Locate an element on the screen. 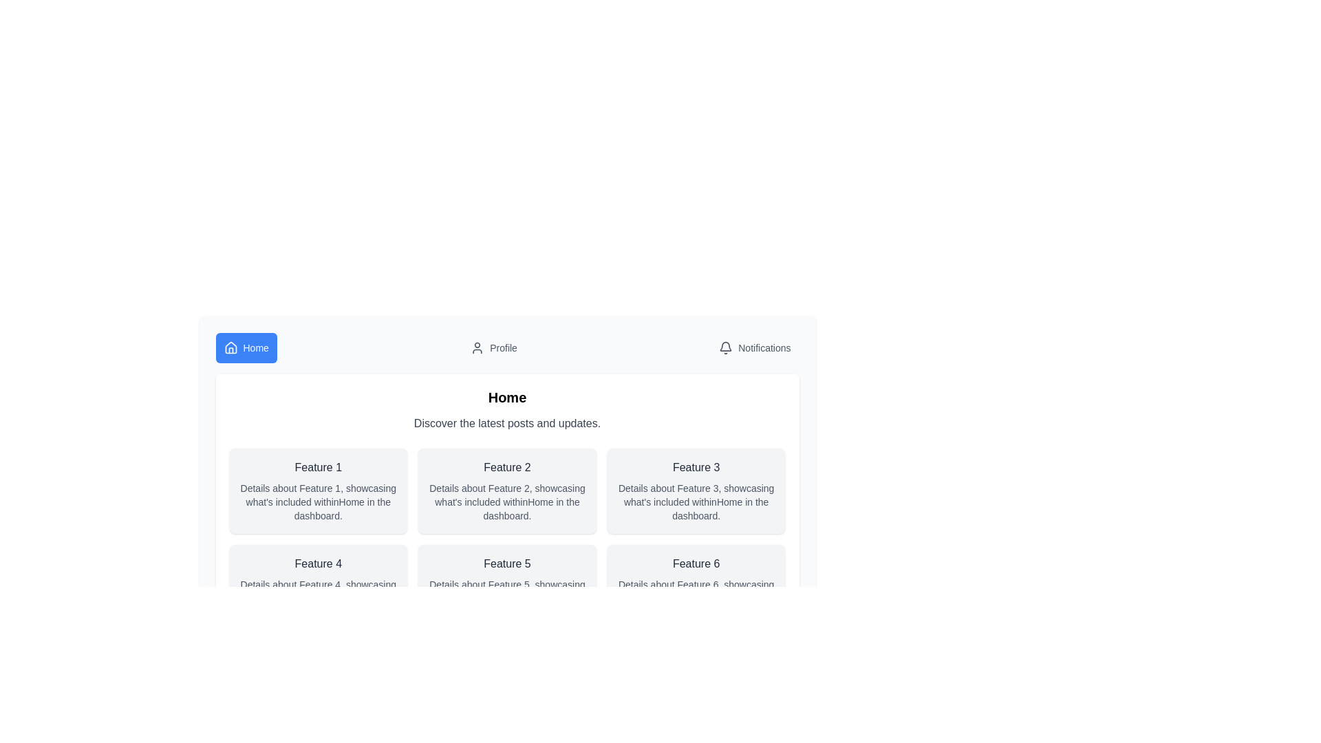 The image size is (1321, 743). the 'Notifications' button, which is the third button in a group of three, styled with a rounded rectangle shape and a bell icon is located at coordinates (754, 347).